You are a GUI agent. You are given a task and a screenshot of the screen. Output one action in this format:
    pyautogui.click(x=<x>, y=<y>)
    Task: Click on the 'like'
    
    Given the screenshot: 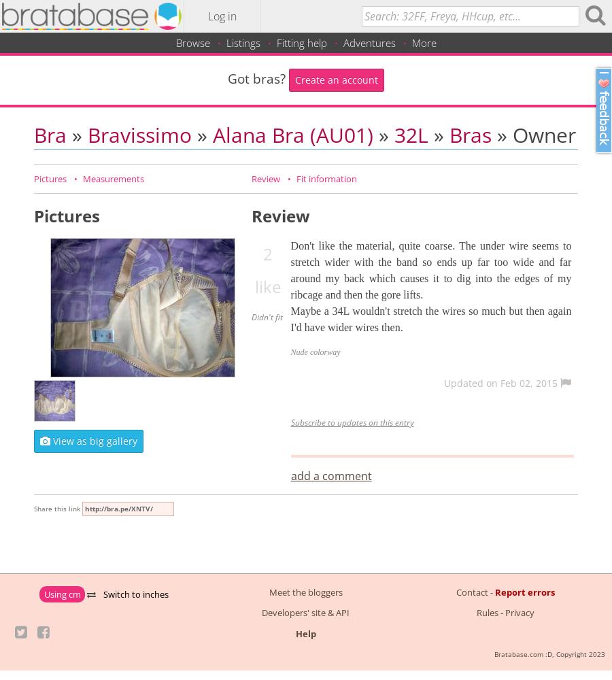 What is the action you would take?
    pyautogui.click(x=268, y=286)
    